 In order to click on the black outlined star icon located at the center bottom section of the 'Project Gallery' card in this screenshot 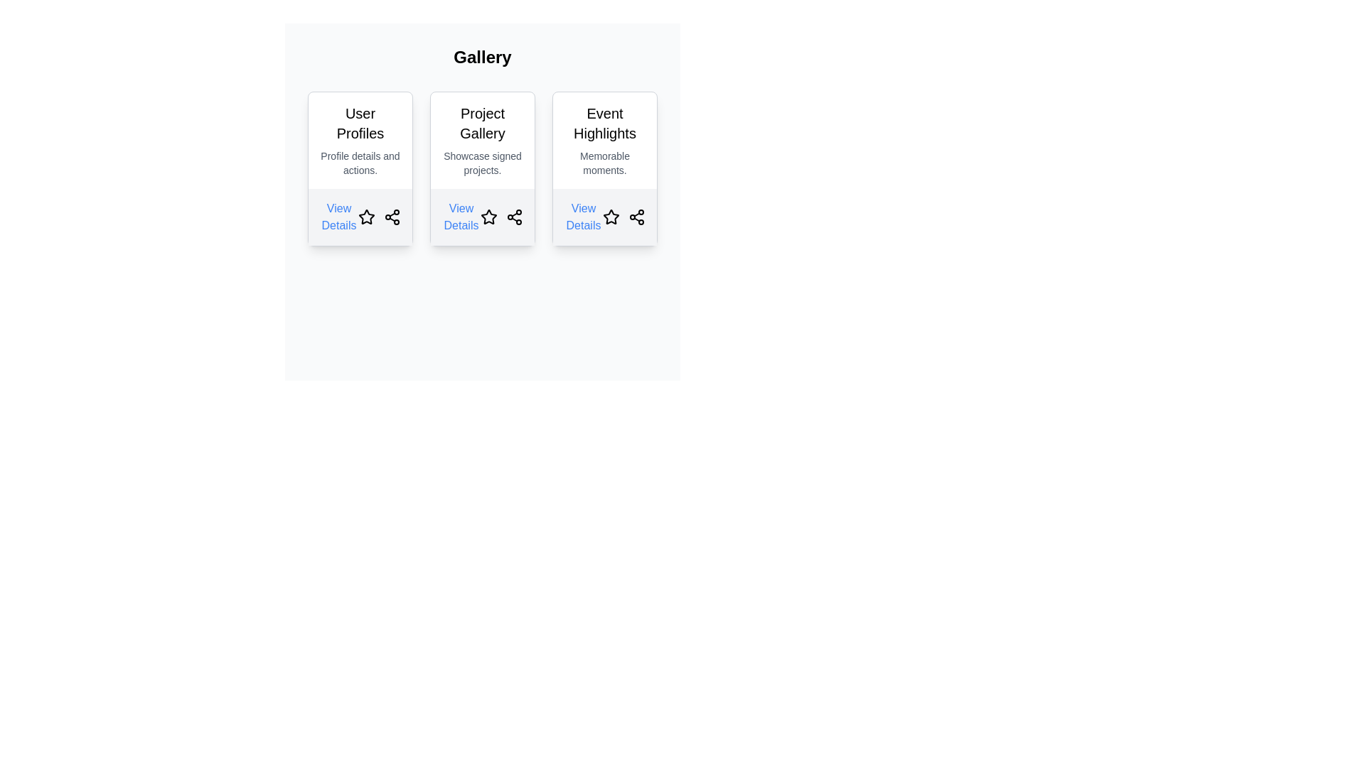, I will do `click(488, 216)`.